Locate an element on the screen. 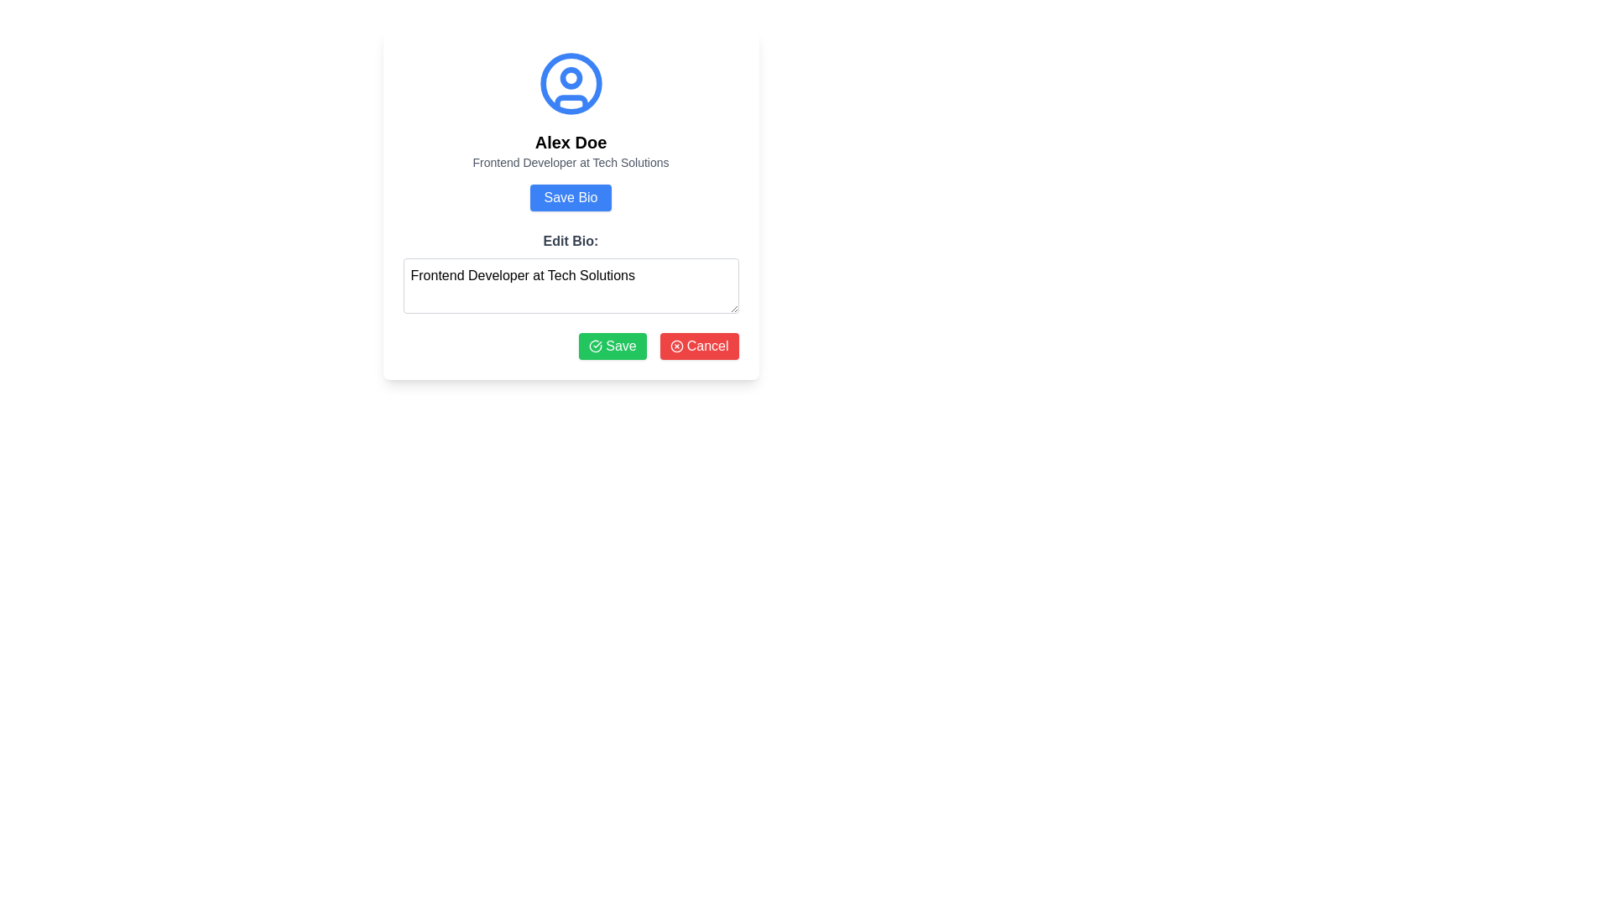  the save button located near the bottom of the form interface, which is left-aligned relative to the red 'Cancel' button is located at coordinates (612, 345).